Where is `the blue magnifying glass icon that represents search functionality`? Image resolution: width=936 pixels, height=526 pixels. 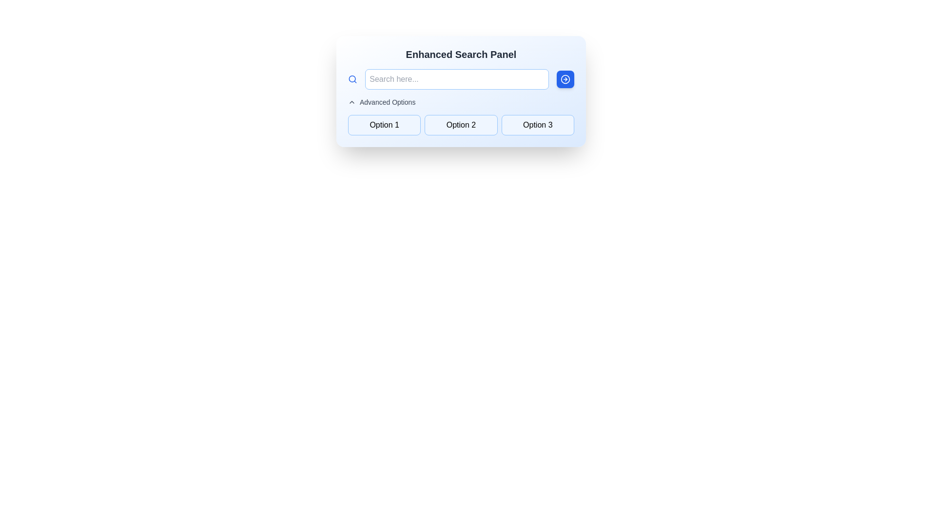
the blue magnifying glass icon that represents search functionality is located at coordinates (352, 78).